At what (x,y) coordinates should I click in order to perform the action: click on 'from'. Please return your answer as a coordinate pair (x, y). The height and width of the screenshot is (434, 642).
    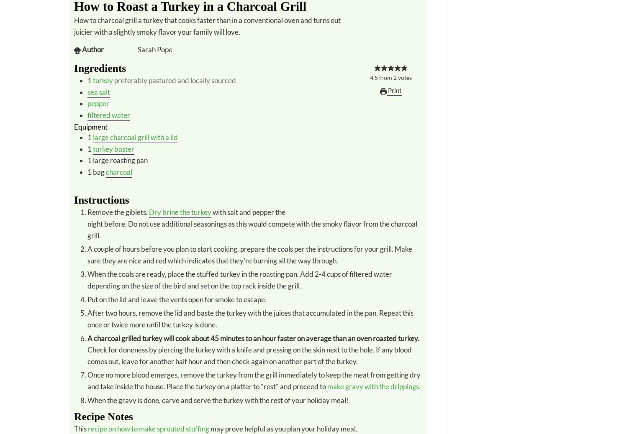
    Looking at the image, I should click on (385, 77).